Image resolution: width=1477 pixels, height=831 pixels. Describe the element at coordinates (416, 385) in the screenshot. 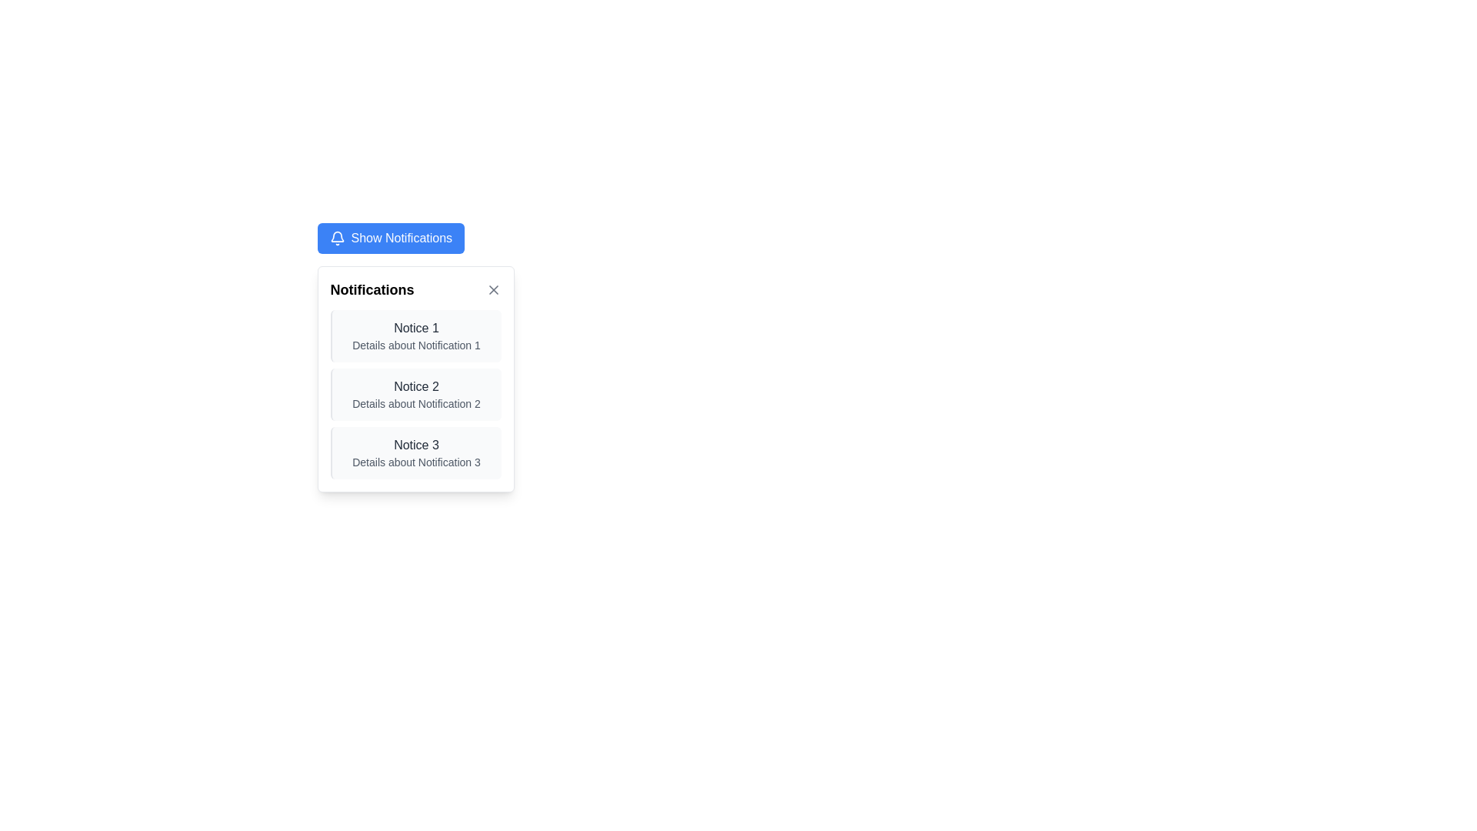

I see `title text of the notification, which is the second in the sequence and located in the middle of the notification card` at that location.